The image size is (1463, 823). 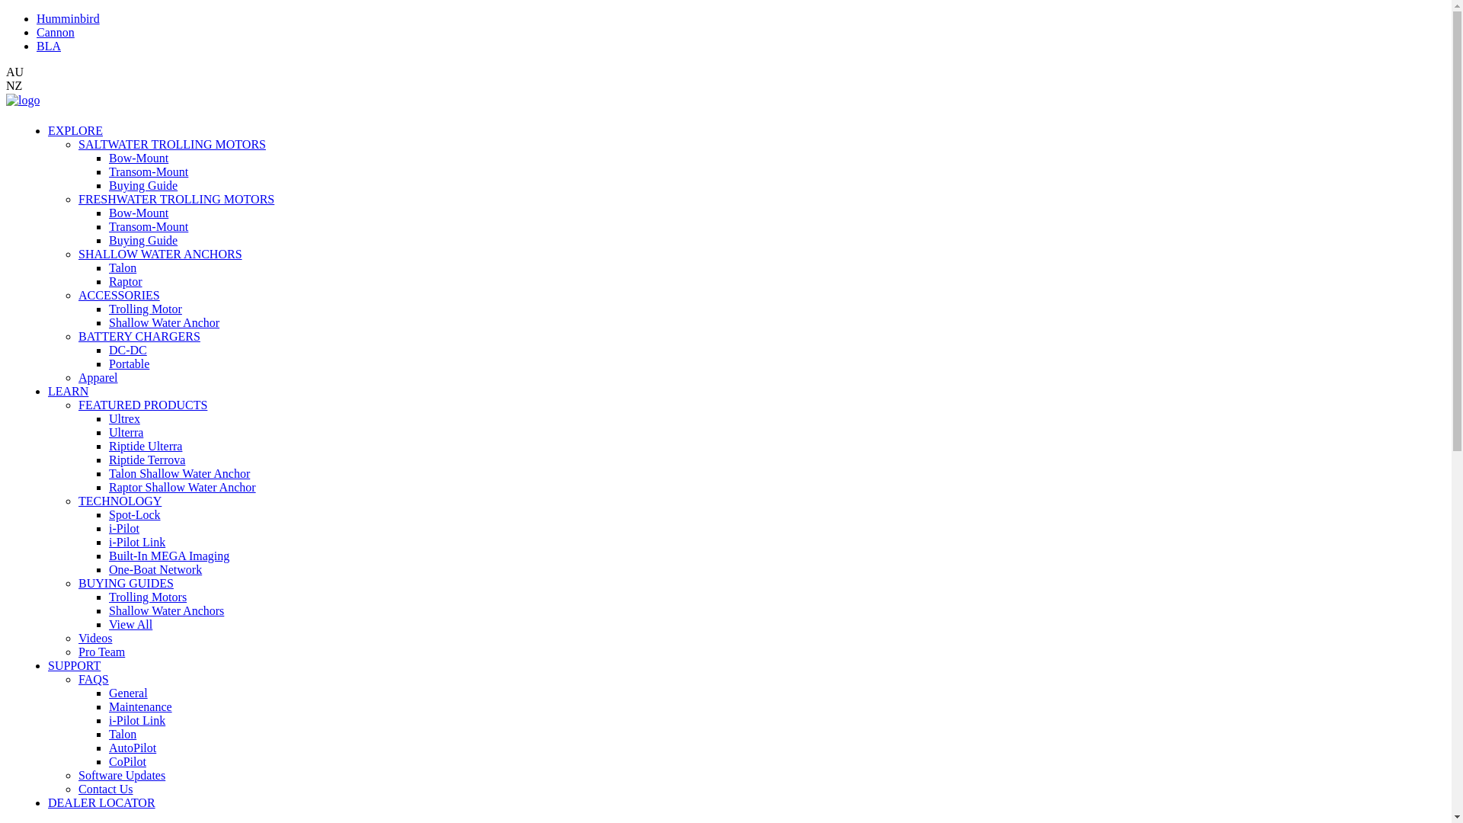 What do you see at coordinates (108, 446) in the screenshot?
I see `'Riptide Ulterra'` at bounding box center [108, 446].